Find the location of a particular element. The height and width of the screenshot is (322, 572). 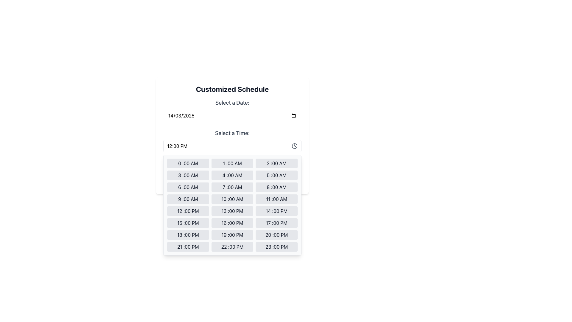

the button displaying '16 :00 PM' is located at coordinates (232, 223).